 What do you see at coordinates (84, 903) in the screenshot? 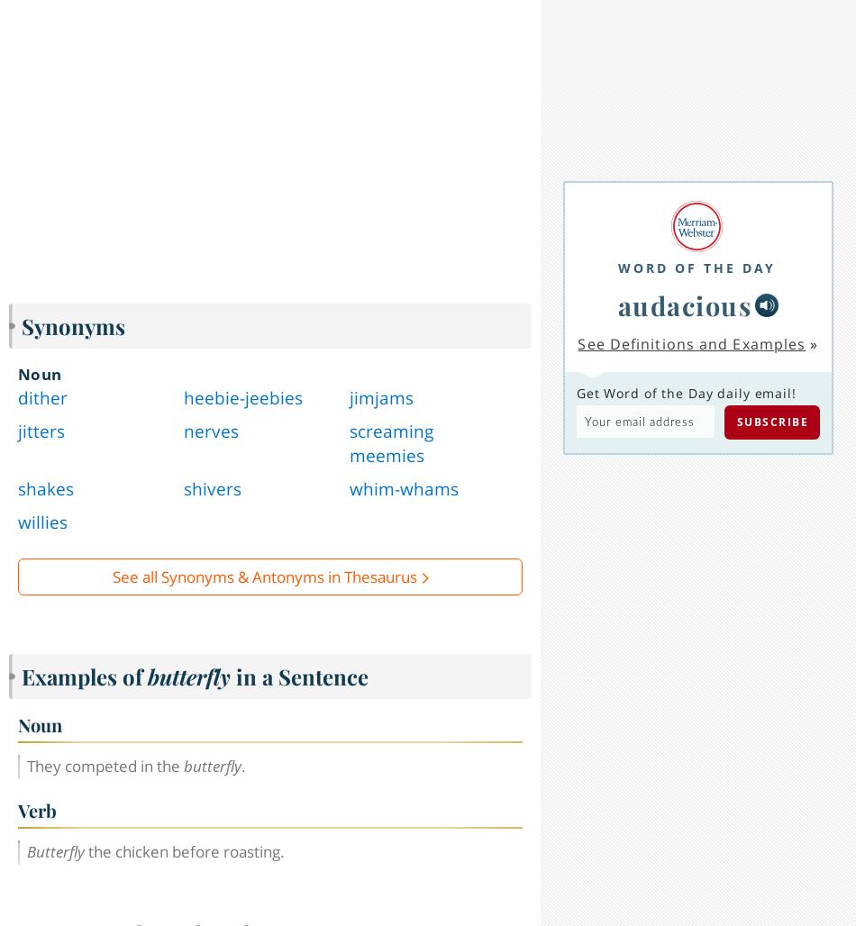
I see `'Home'` at bounding box center [84, 903].